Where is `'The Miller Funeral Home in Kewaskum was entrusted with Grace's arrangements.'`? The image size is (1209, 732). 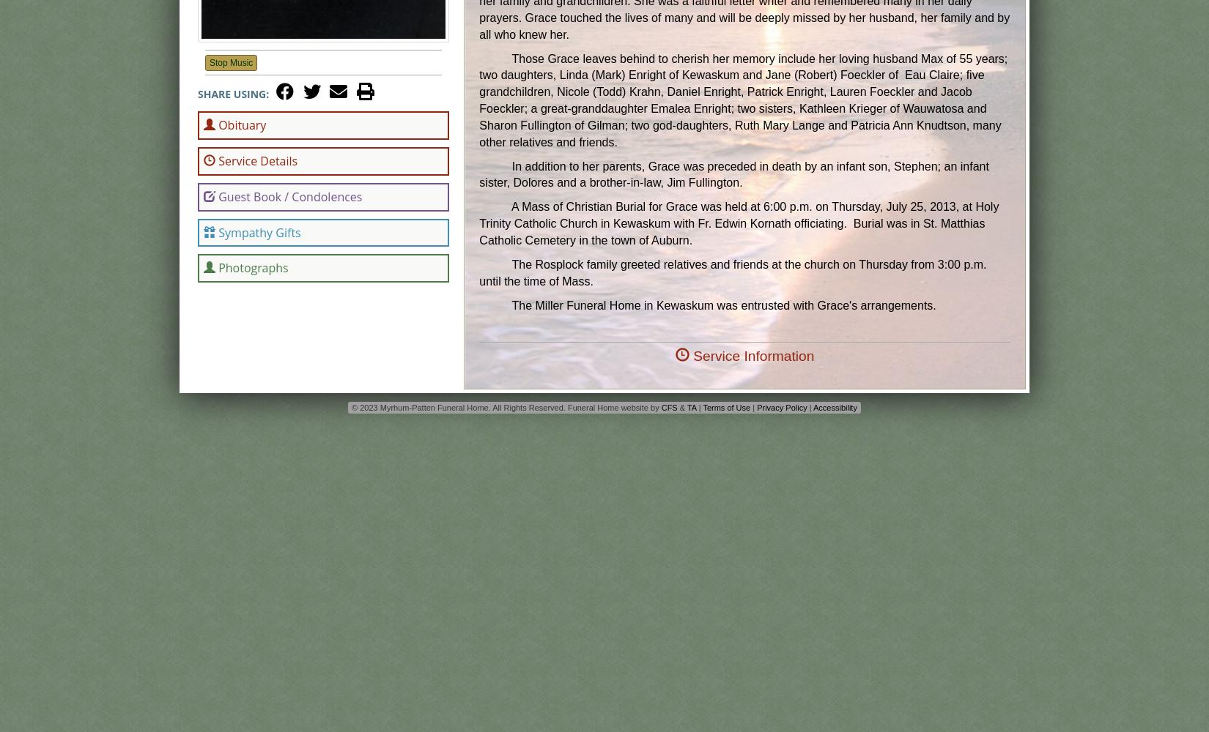
'The Miller Funeral Home in Kewaskum was entrusted with Grace's arrangements.' is located at coordinates (478, 305).